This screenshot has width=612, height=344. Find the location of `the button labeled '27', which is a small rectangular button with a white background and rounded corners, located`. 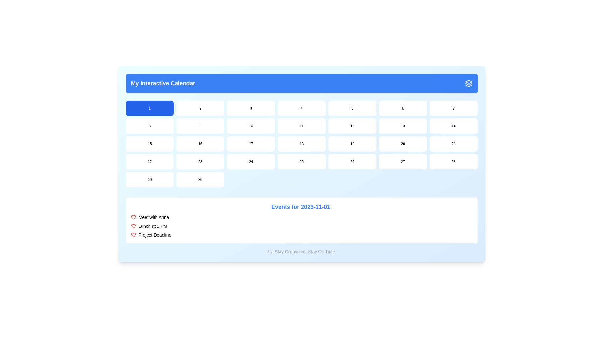

the button labeled '27', which is a small rectangular button with a white background and rounded corners, located is located at coordinates (403, 161).